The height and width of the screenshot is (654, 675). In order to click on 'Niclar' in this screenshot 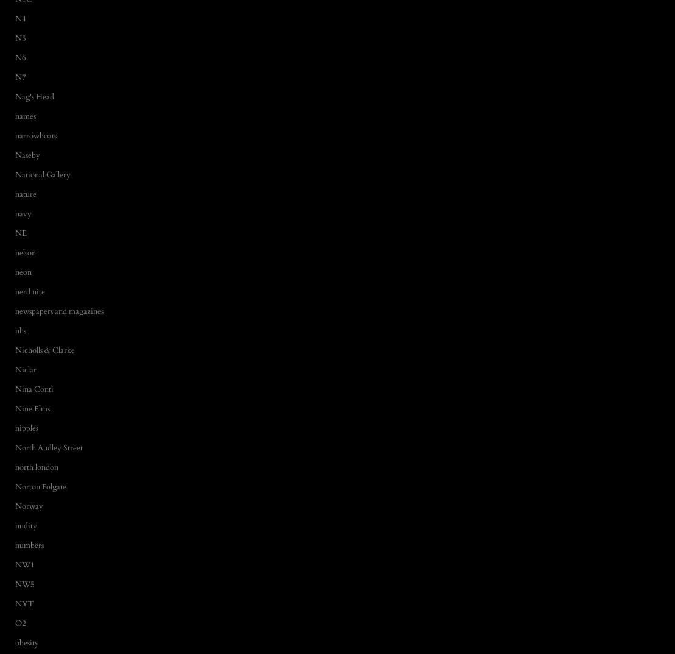, I will do `click(26, 369)`.